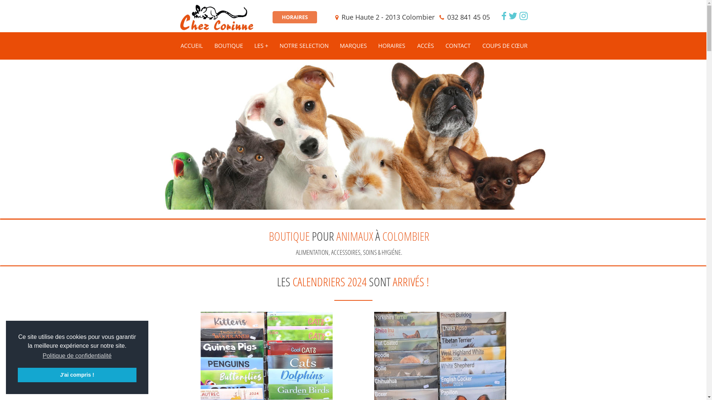 The width and height of the screenshot is (712, 400). I want to click on 'J'ai compris !', so click(77, 374).